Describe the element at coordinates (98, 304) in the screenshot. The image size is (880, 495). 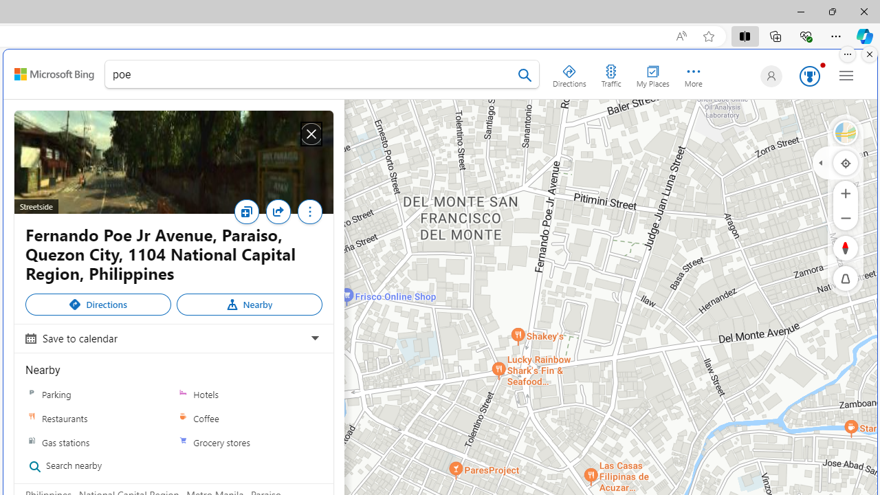
I see `'Directions'` at that location.